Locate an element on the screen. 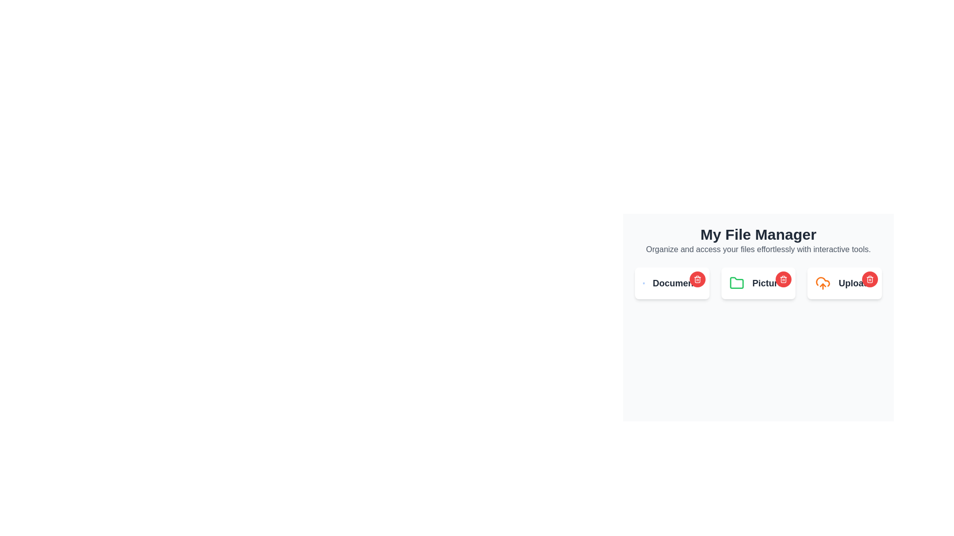 The height and width of the screenshot is (536, 954). the folder icon that represents the 'Pictures' section, located to the left of the text 'Pictures' and to the right of 'Documents' is located at coordinates (737, 283).